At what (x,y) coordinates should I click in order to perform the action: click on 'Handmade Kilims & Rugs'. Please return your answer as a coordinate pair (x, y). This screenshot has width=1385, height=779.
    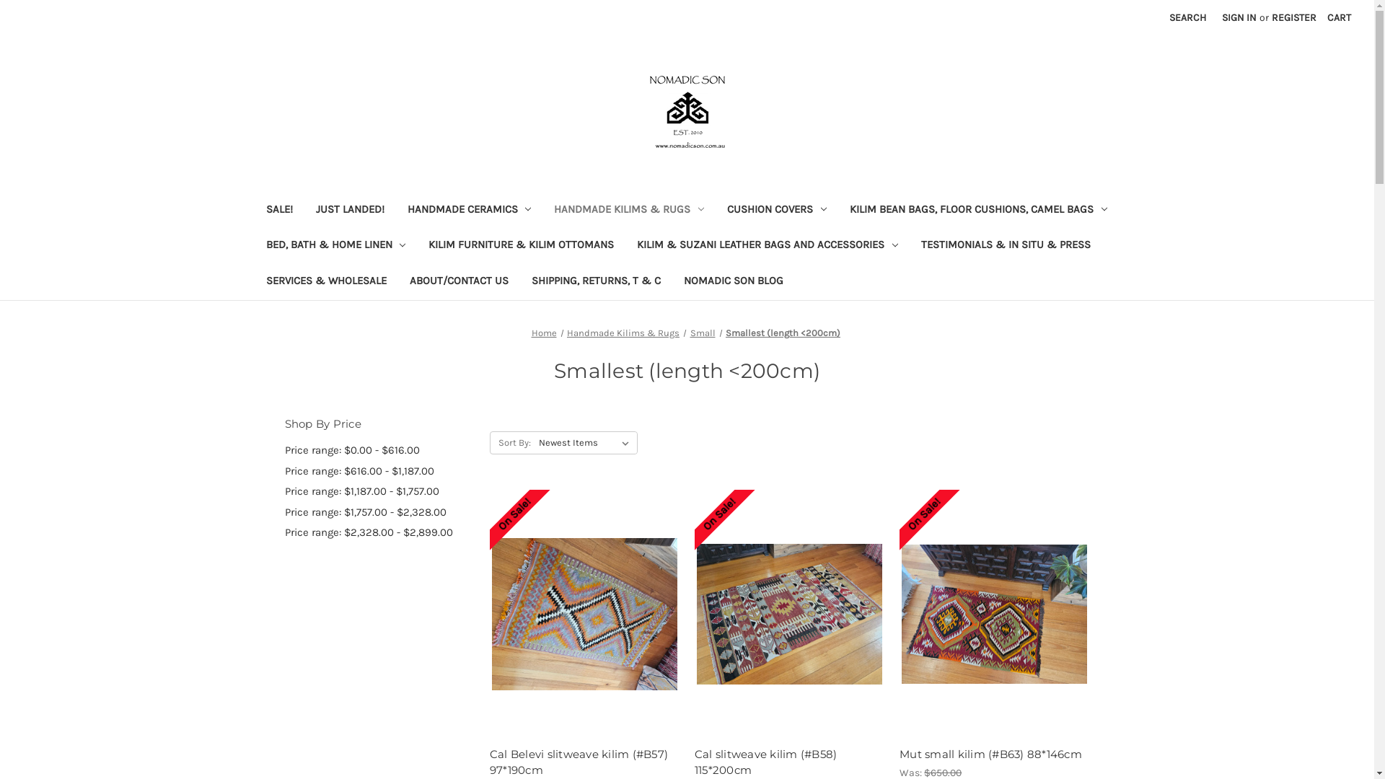
    Looking at the image, I should click on (623, 333).